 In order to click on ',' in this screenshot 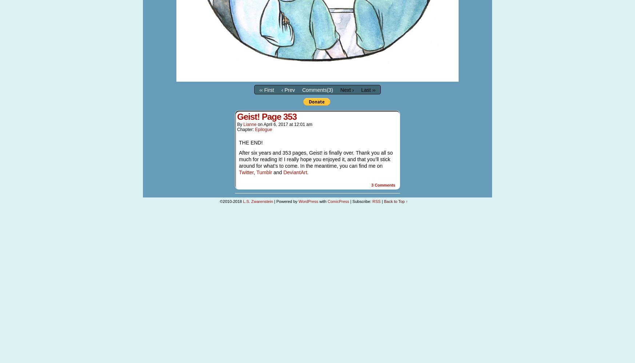, I will do `click(253, 172)`.